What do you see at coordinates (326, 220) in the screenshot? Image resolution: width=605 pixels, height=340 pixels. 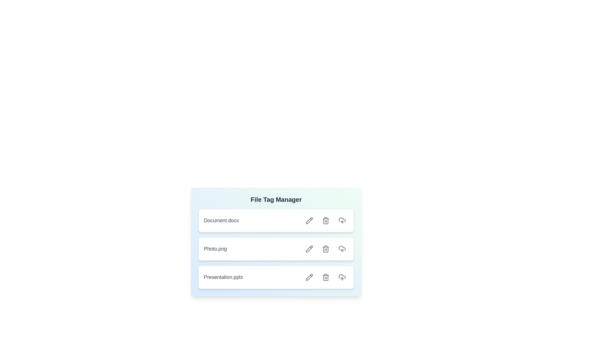 I see `delete button for the file labeled 'Document.docx'` at bounding box center [326, 220].